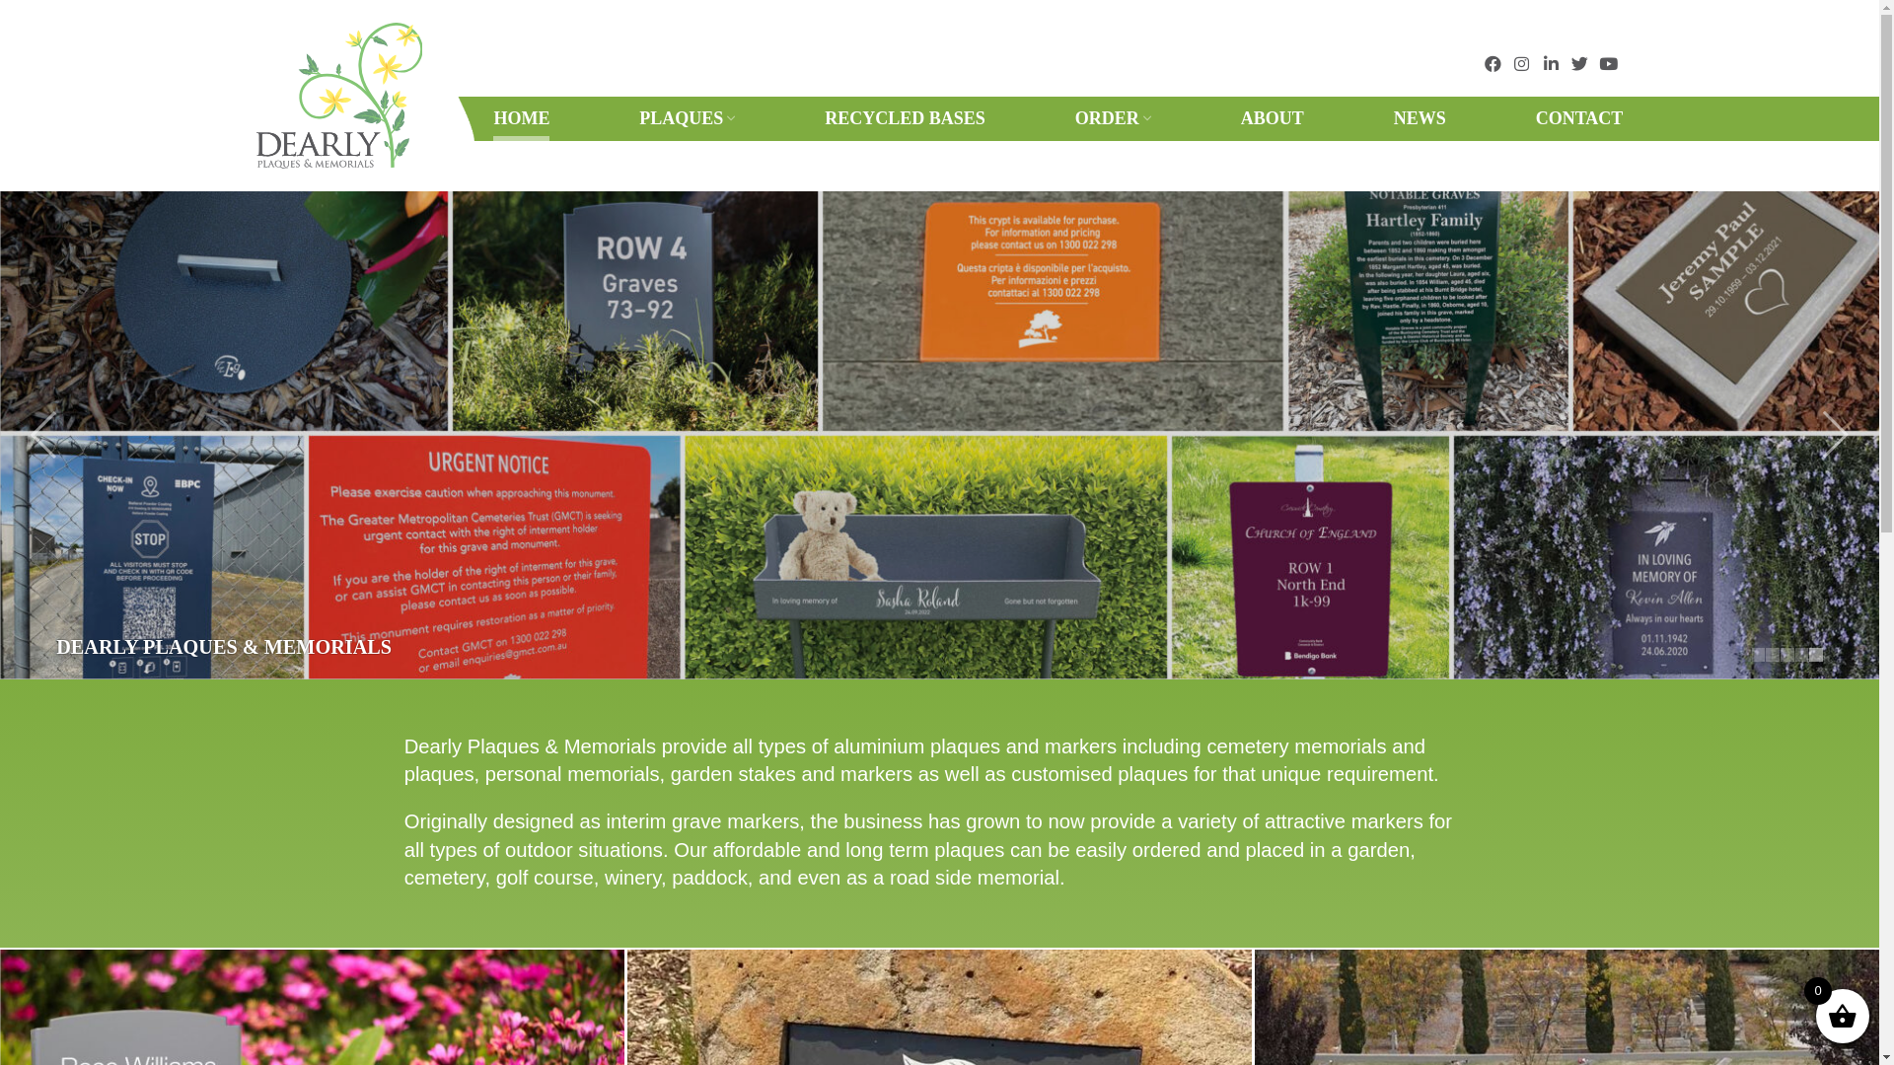 This screenshot has height=1065, width=1894. I want to click on 'ORDER', so click(1113, 118).